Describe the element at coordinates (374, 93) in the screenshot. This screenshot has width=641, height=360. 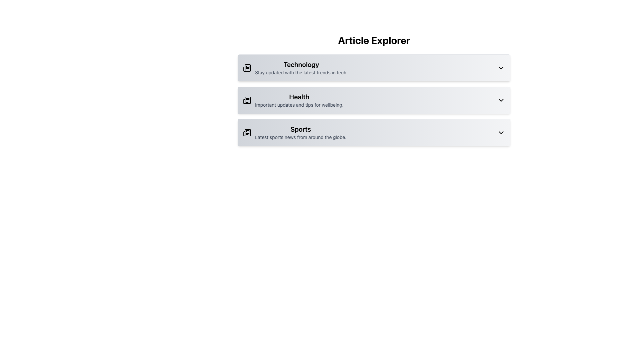
I see `the Expandable List Item labeled 'Health' for accessibility navigation` at that location.